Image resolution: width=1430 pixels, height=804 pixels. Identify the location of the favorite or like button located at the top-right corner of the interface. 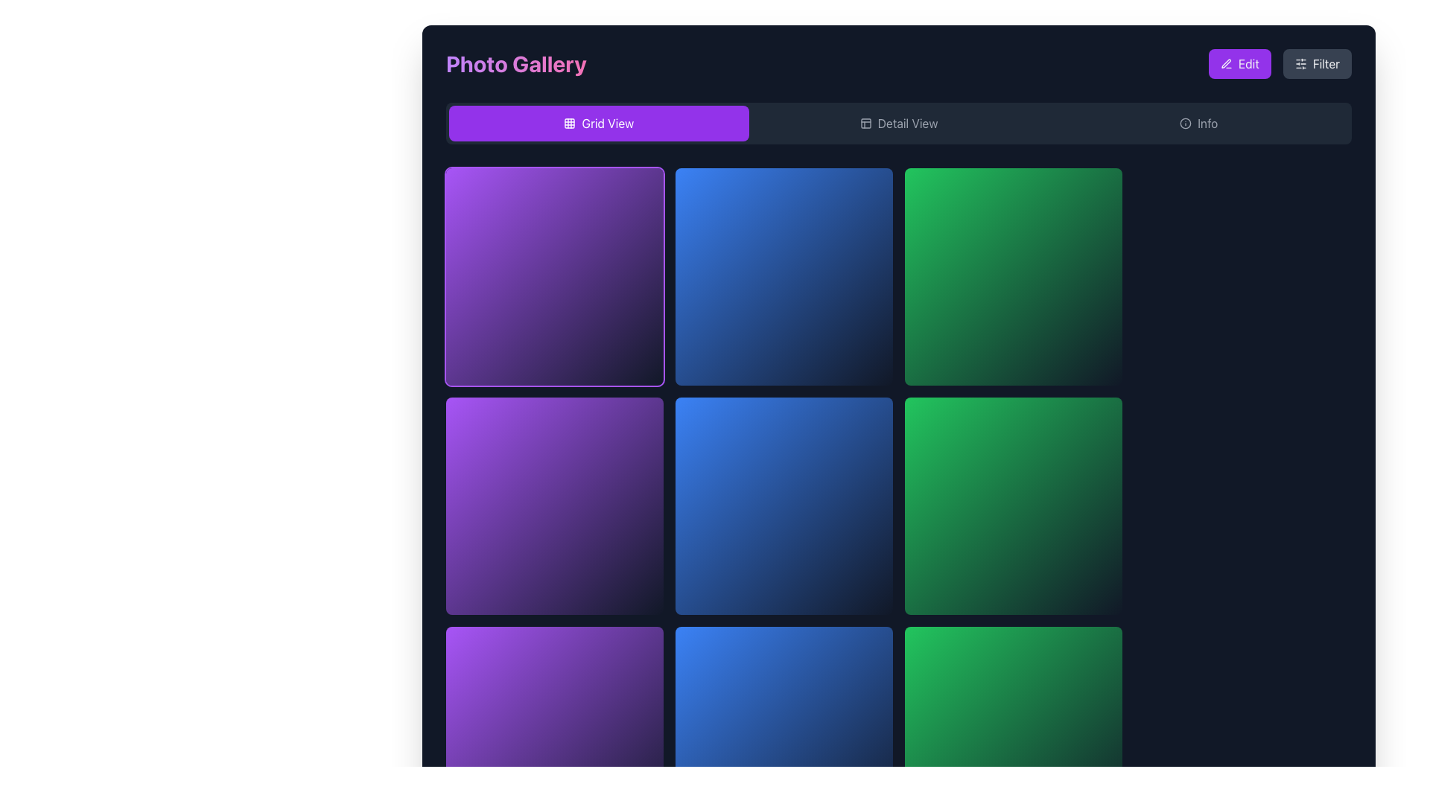
(1333, 185).